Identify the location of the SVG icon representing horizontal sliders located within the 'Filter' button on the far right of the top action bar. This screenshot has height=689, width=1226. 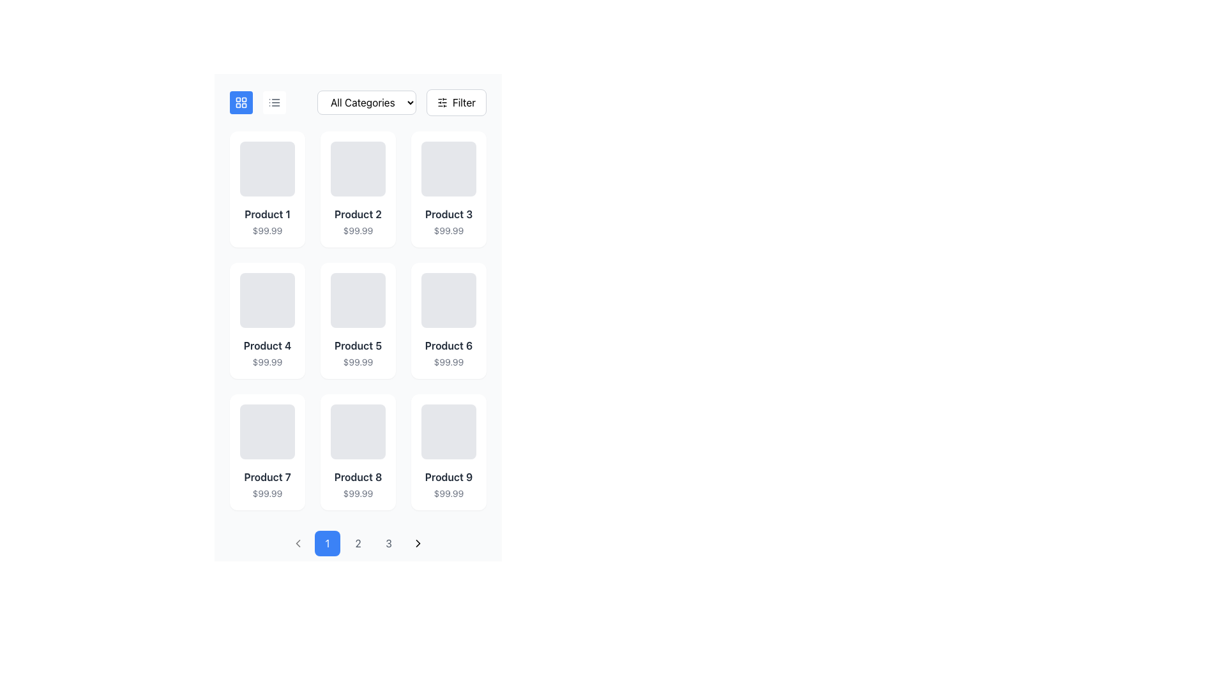
(442, 102).